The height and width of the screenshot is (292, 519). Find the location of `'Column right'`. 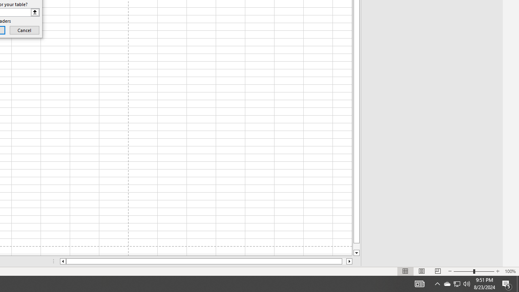

'Column right' is located at coordinates (350, 261).